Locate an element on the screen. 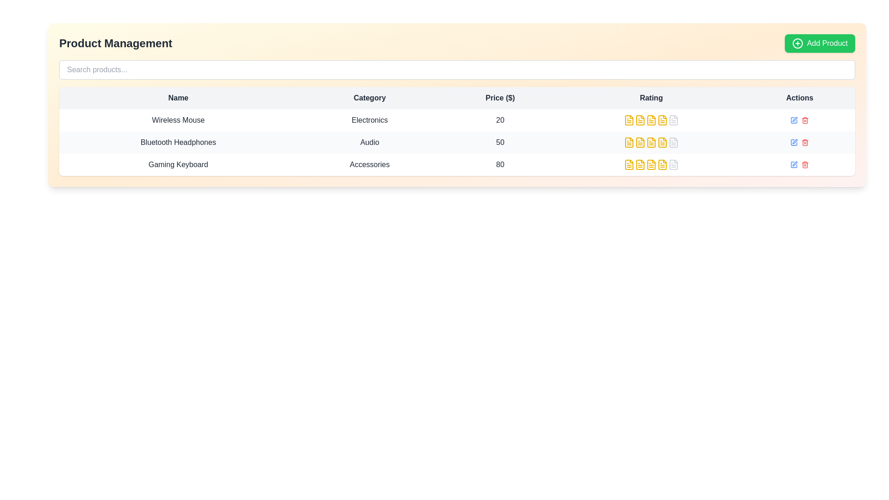 This screenshot has height=500, width=889. the price information label for the 'Wireless Mouse' product in the 'Price ($)' column of the table is located at coordinates (500, 119).